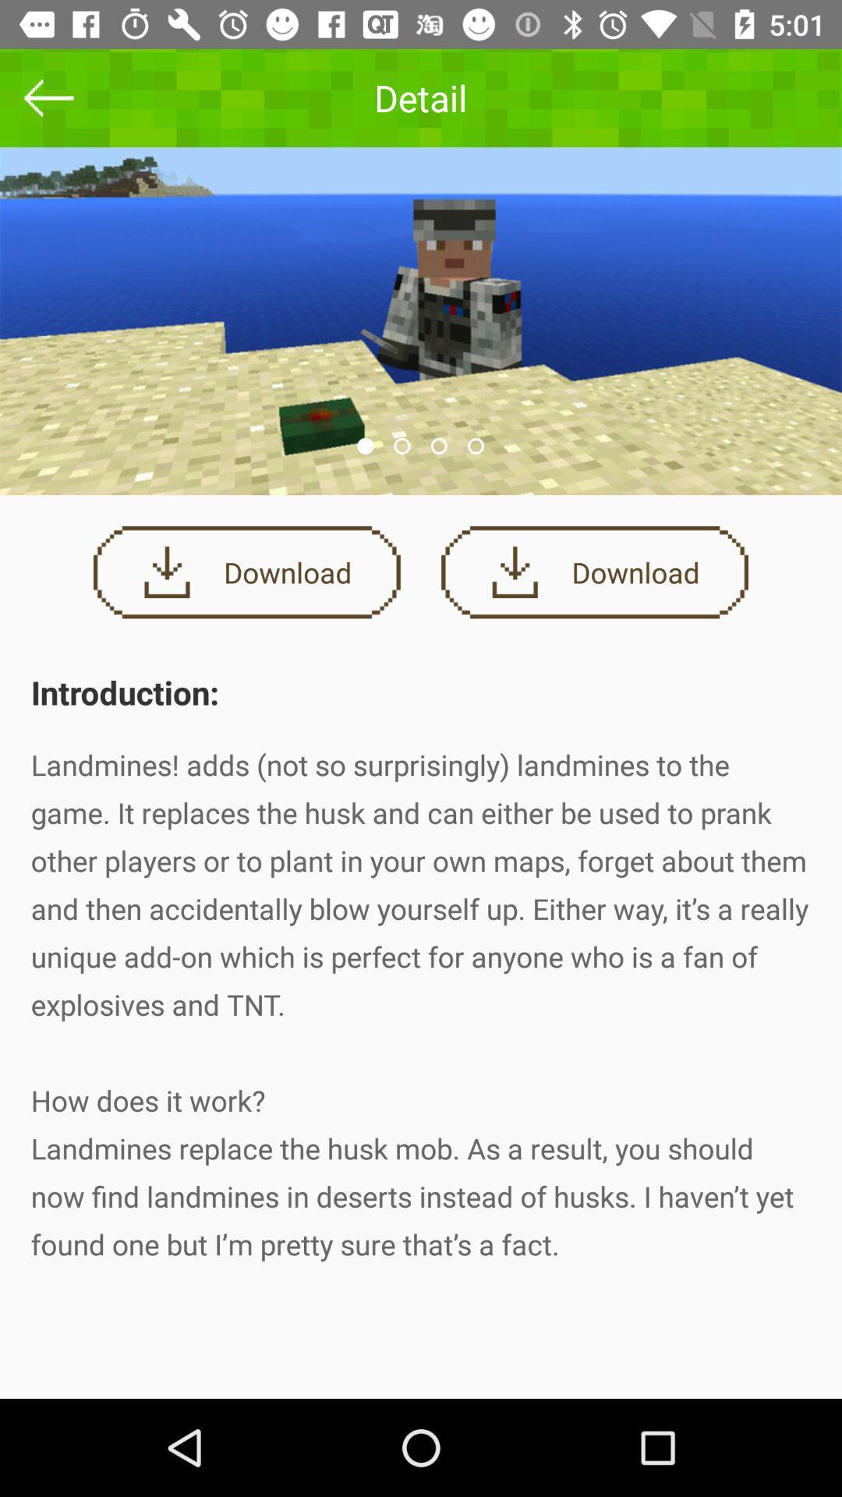 This screenshot has height=1497, width=842. What do you see at coordinates (48, 97) in the screenshot?
I see `previous page` at bounding box center [48, 97].